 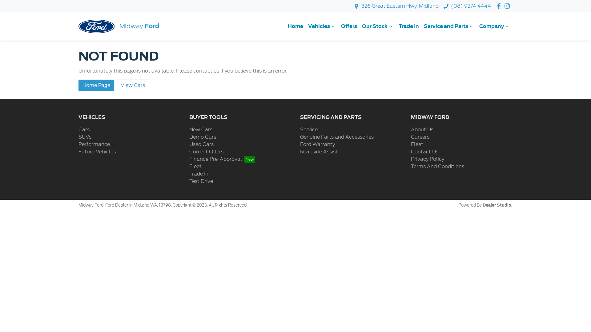 I want to click on 'Contact Us', so click(x=424, y=152).